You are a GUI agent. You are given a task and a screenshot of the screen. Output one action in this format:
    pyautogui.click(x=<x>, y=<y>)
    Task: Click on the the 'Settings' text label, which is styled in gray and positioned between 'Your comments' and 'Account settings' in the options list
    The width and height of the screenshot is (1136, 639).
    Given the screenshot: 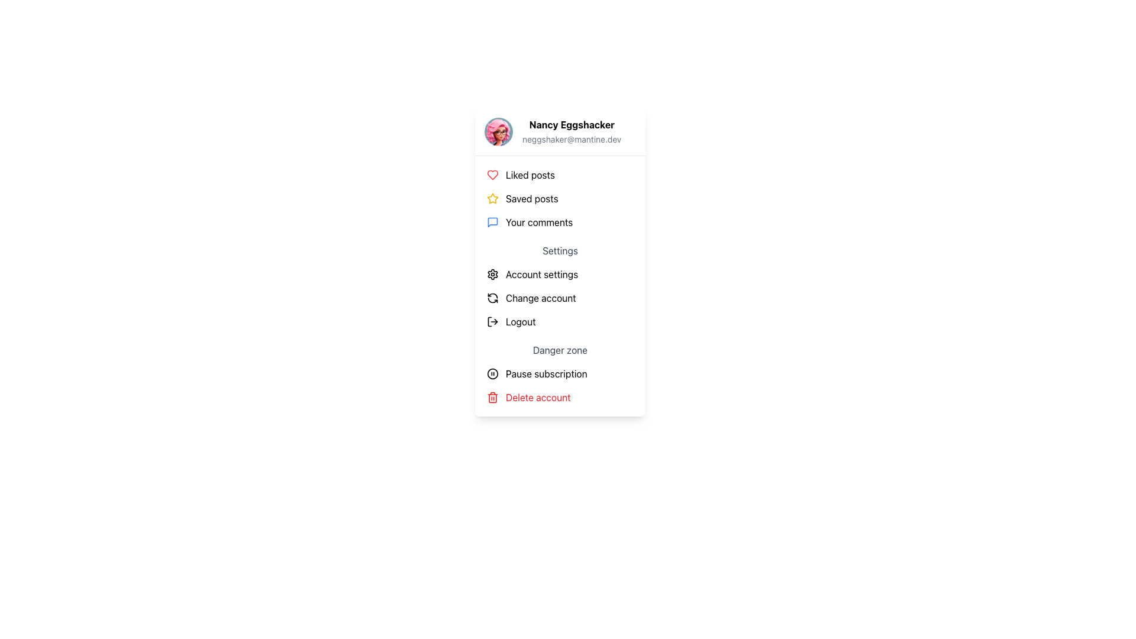 What is the action you would take?
    pyautogui.click(x=559, y=250)
    